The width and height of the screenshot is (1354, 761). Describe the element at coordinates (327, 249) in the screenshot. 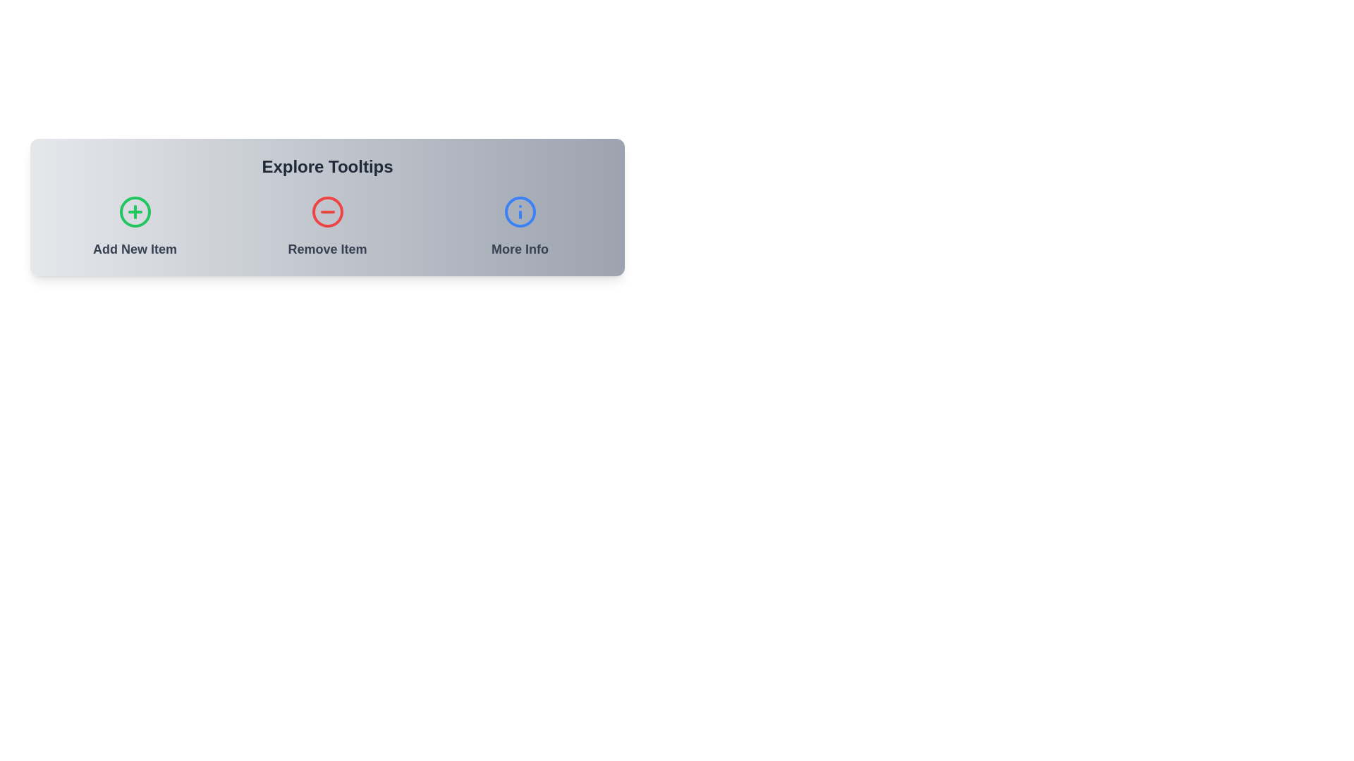

I see `the text label that serves as a descriptive text for removing an item, positioned centrally in a horizontal layout between 'Add New Item' and 'More Info'` at that location.